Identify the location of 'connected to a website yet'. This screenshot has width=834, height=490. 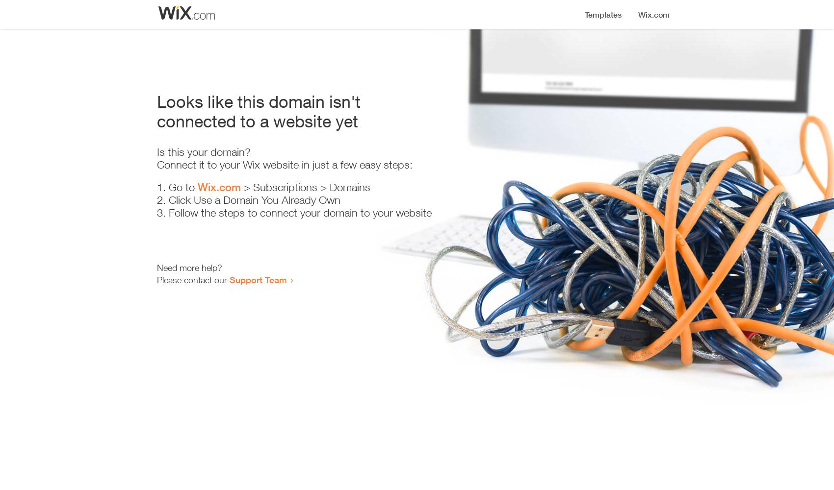
(257, 121).